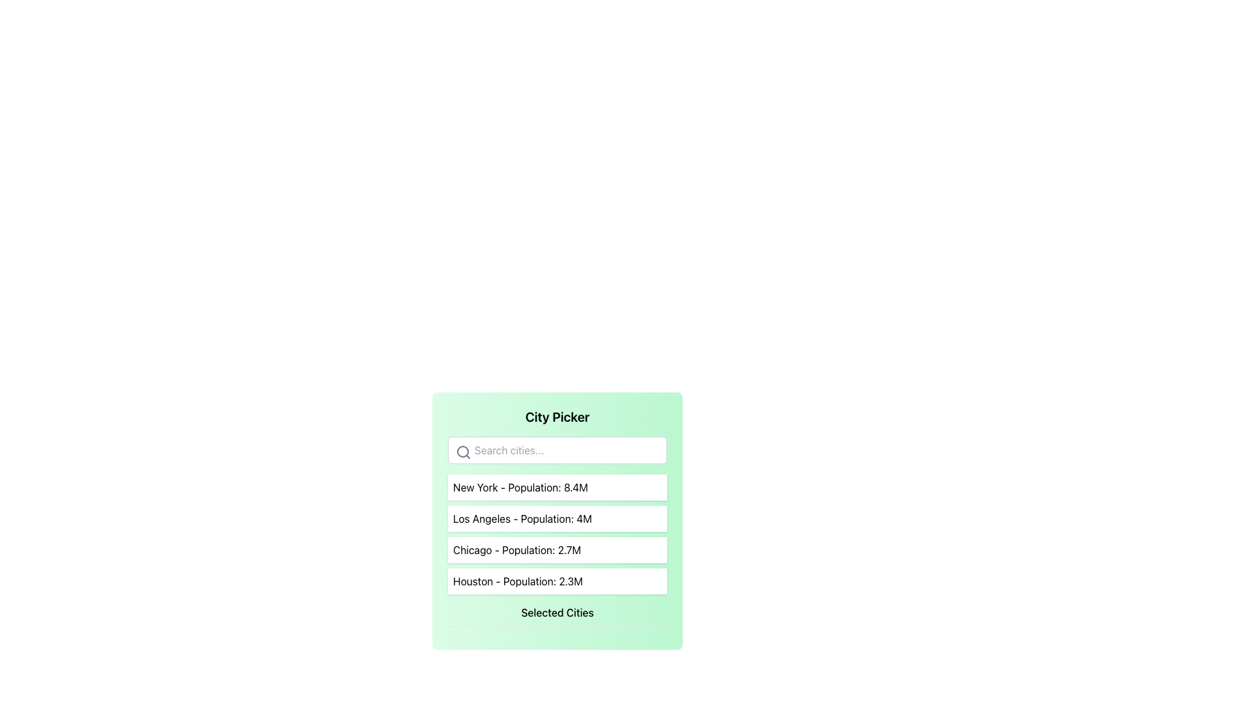 The width and height of the screenshot is (1252, 704). What do you see at coordinates (557, 518) in the screenshot?
I see `the second item in the city picker interface representing 'Los Angeles'` at bounding box center [557, 518].